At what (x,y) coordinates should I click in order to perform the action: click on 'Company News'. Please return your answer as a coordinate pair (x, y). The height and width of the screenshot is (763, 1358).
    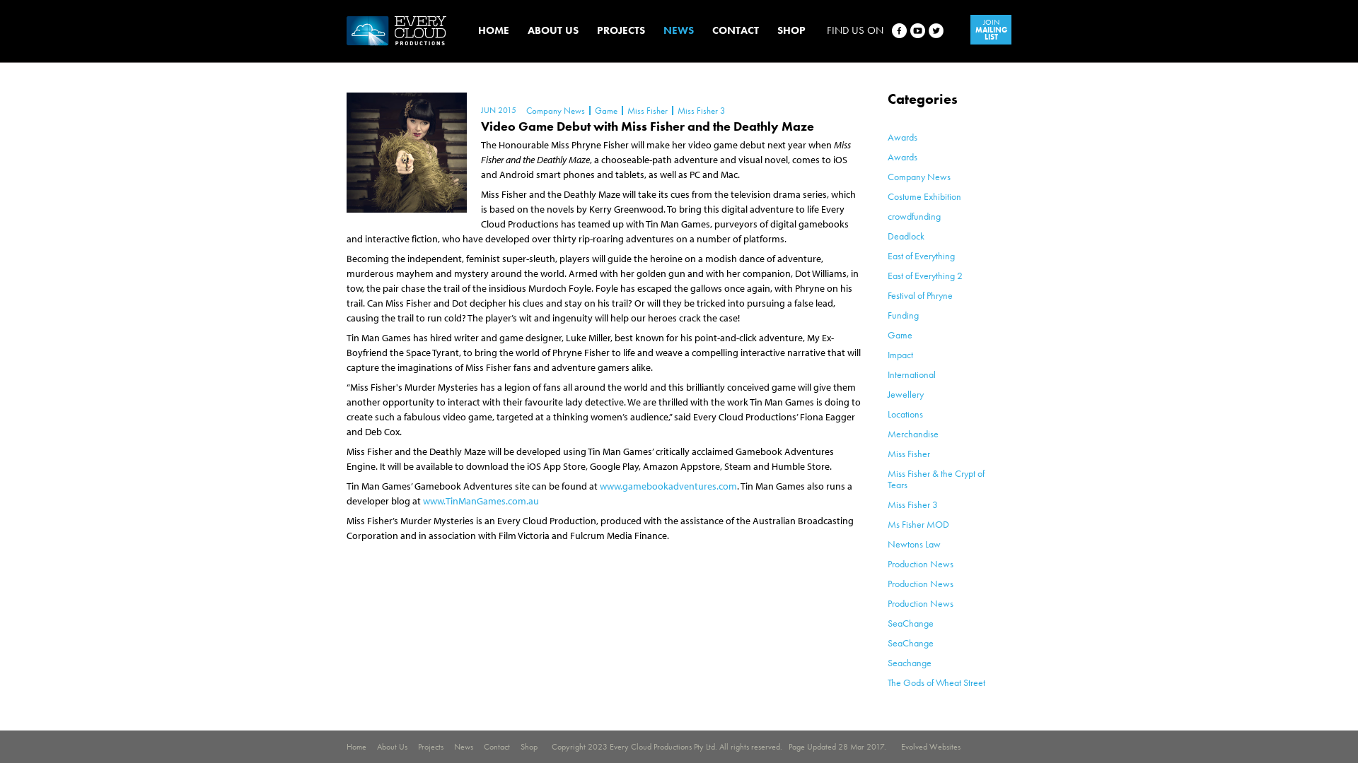
    Looking at the image, I should click on (555, 110).